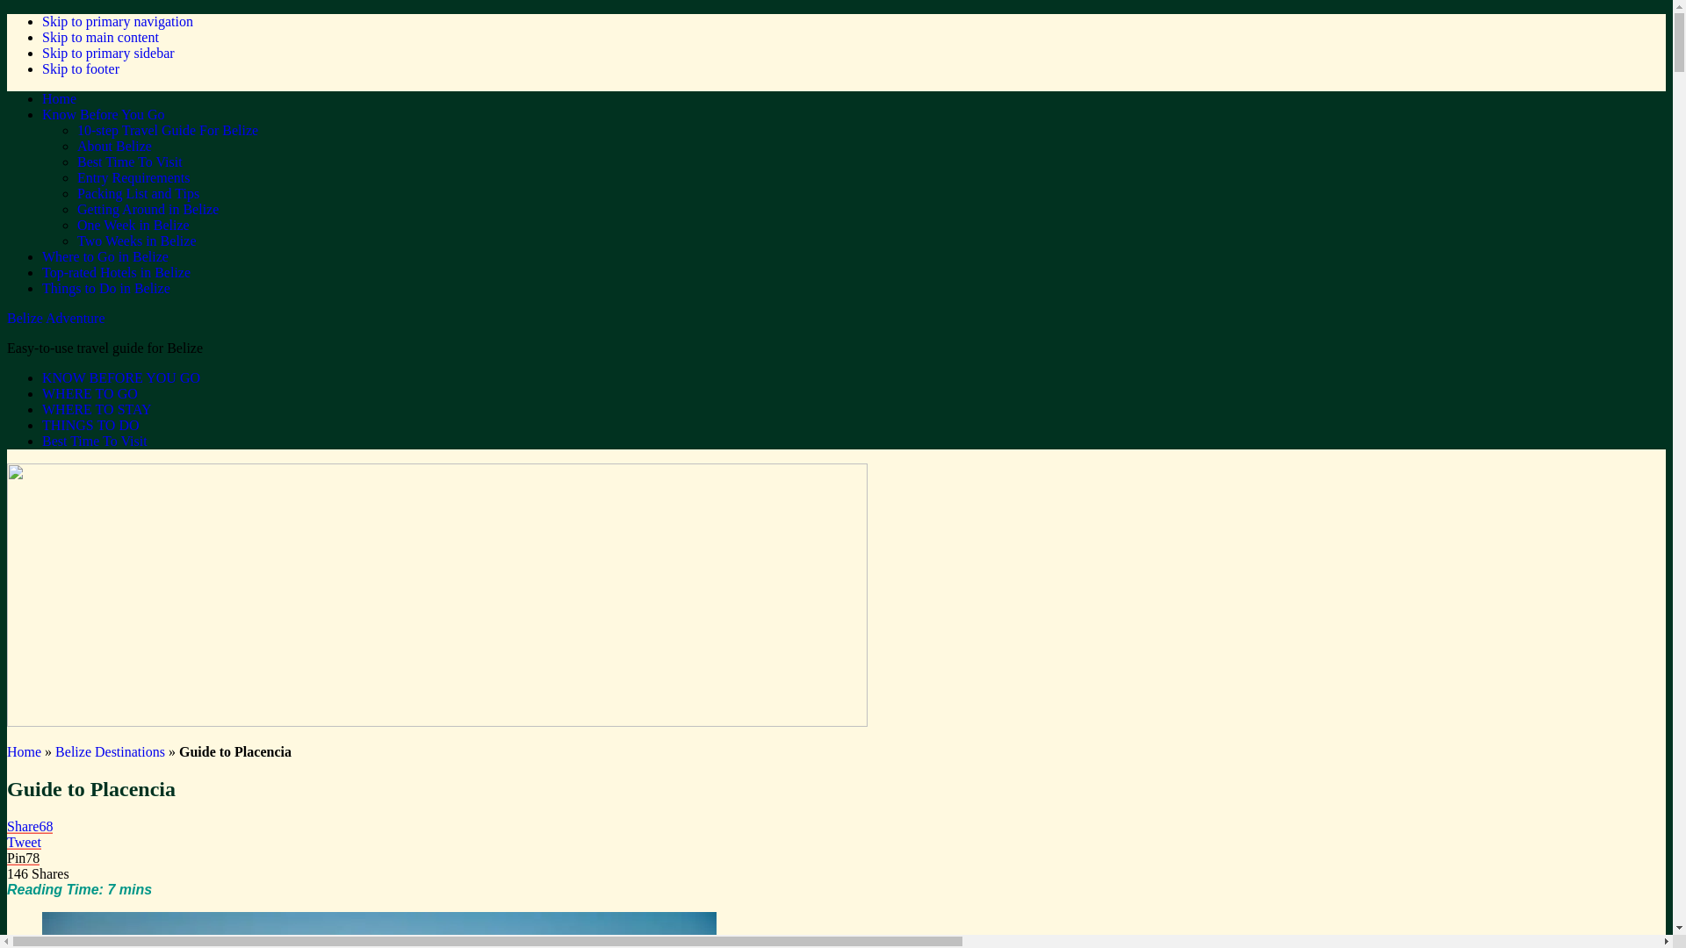  Describe the element at coordinates (96, 409) in the screenshot. I see `'WHERE TO STAY'` at that location.